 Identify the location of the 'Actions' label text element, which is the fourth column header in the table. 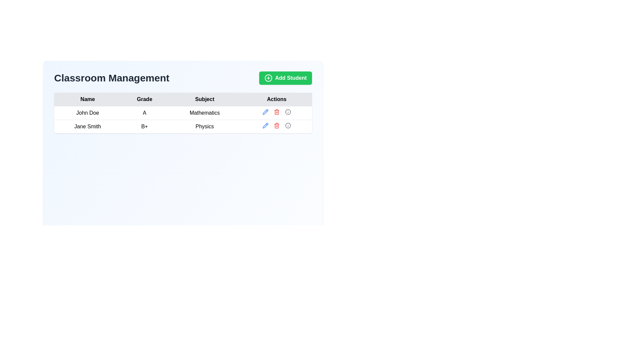
(276, 99).